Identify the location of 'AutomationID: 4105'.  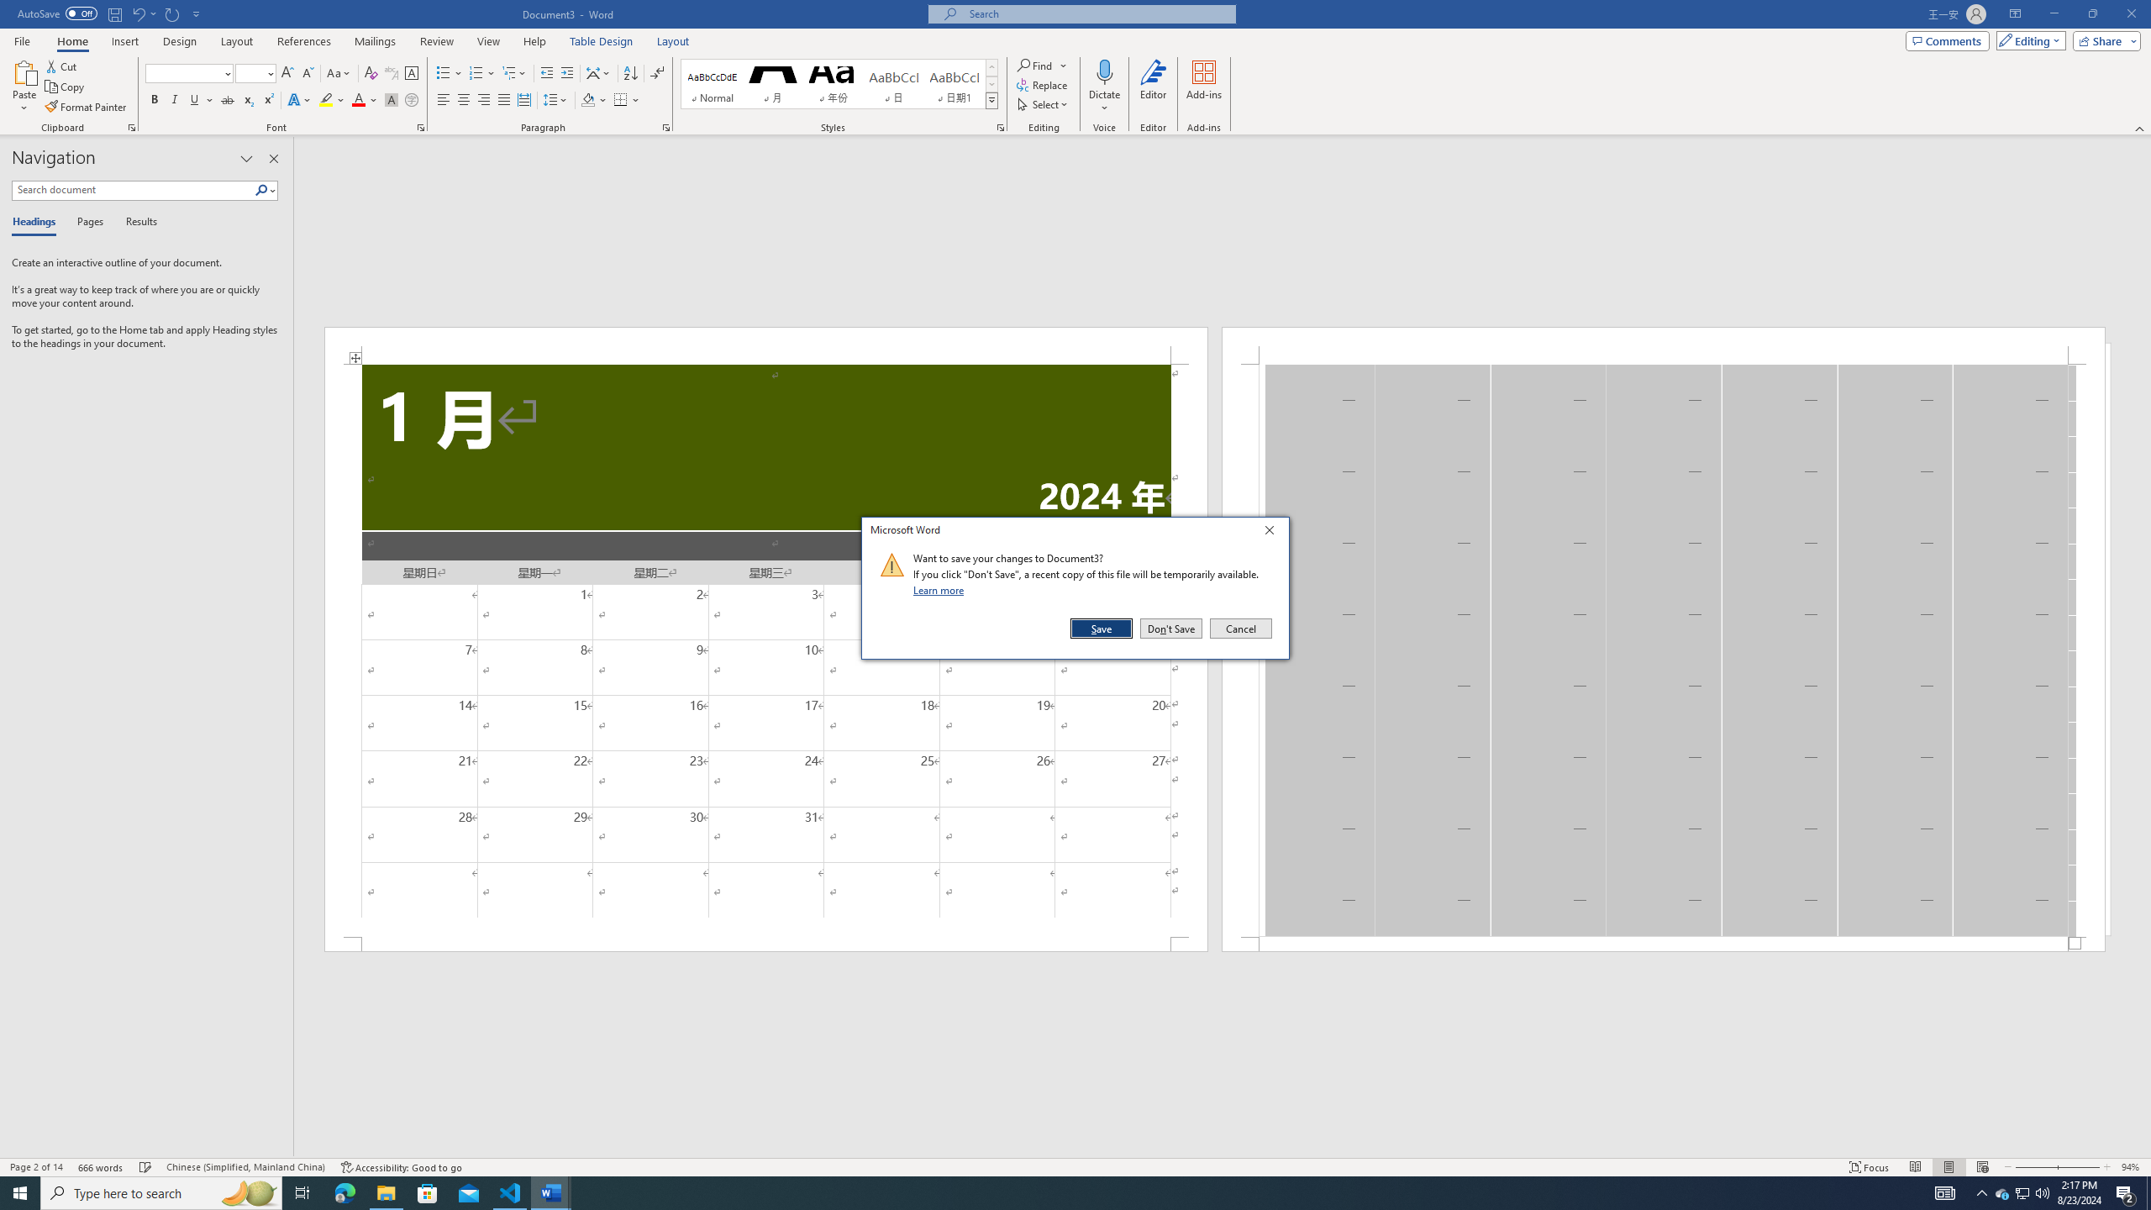
(1945, 1192).